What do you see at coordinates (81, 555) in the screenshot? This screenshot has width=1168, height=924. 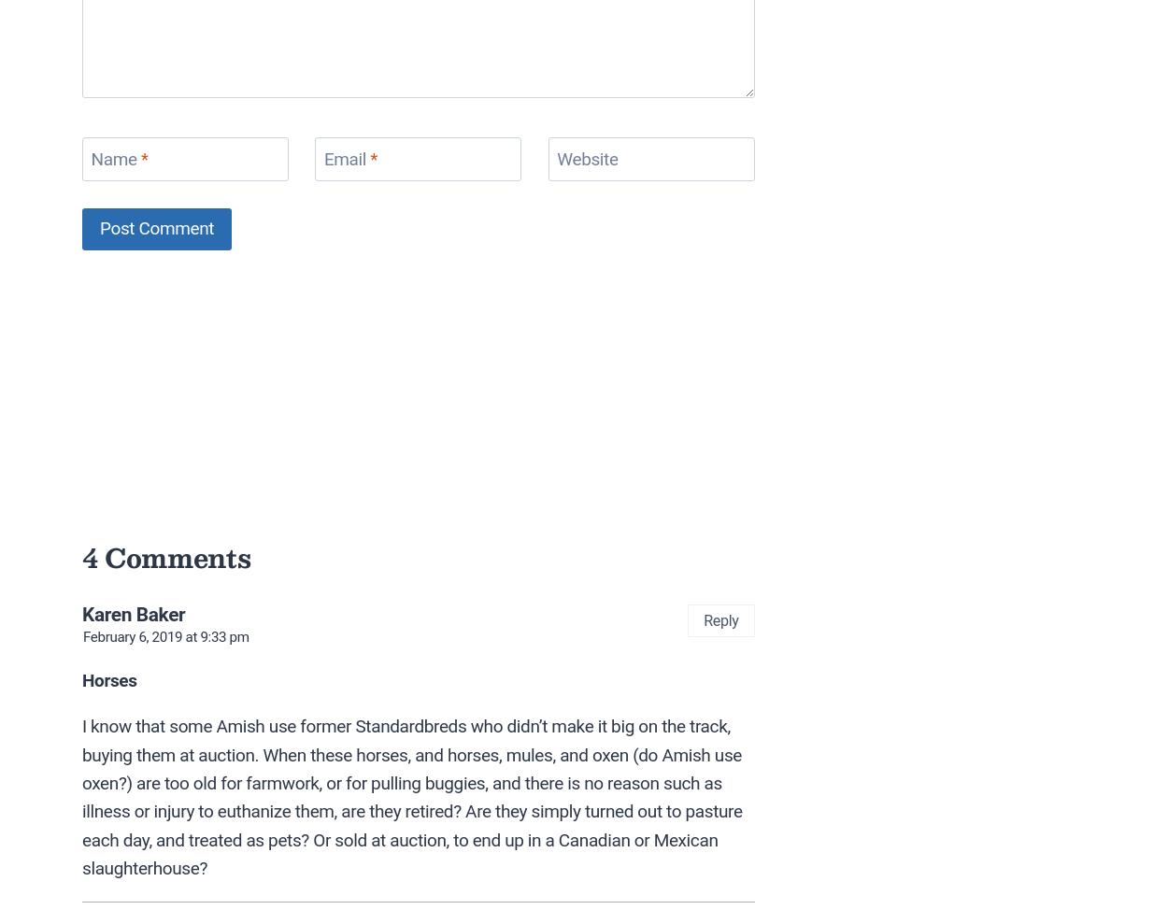 I see `'4 Comments'` at bounding box center [81, 555].